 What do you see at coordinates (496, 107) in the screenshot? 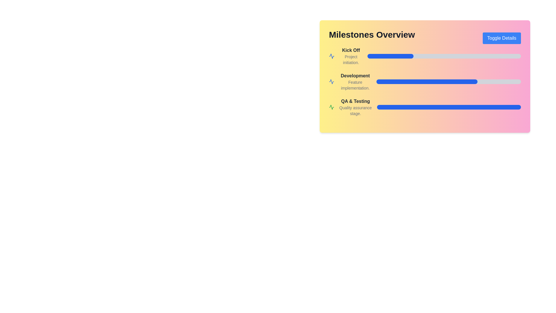
I see `the progress bar value` at bounding box center [496, 107].